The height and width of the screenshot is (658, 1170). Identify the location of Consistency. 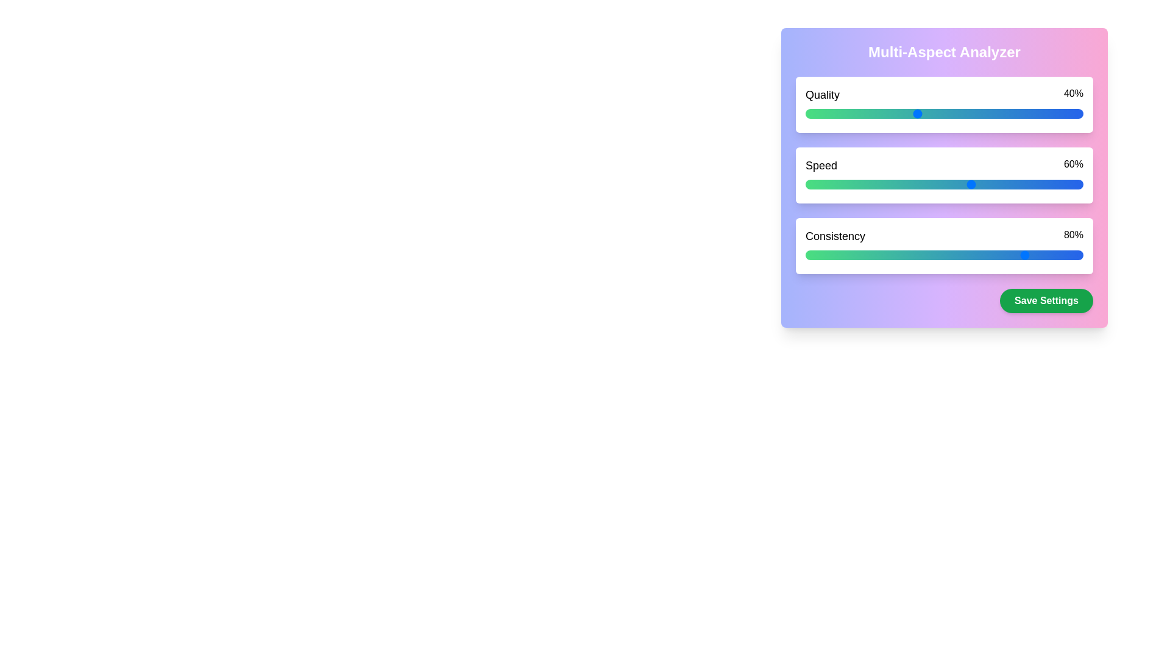
(1071, 255).